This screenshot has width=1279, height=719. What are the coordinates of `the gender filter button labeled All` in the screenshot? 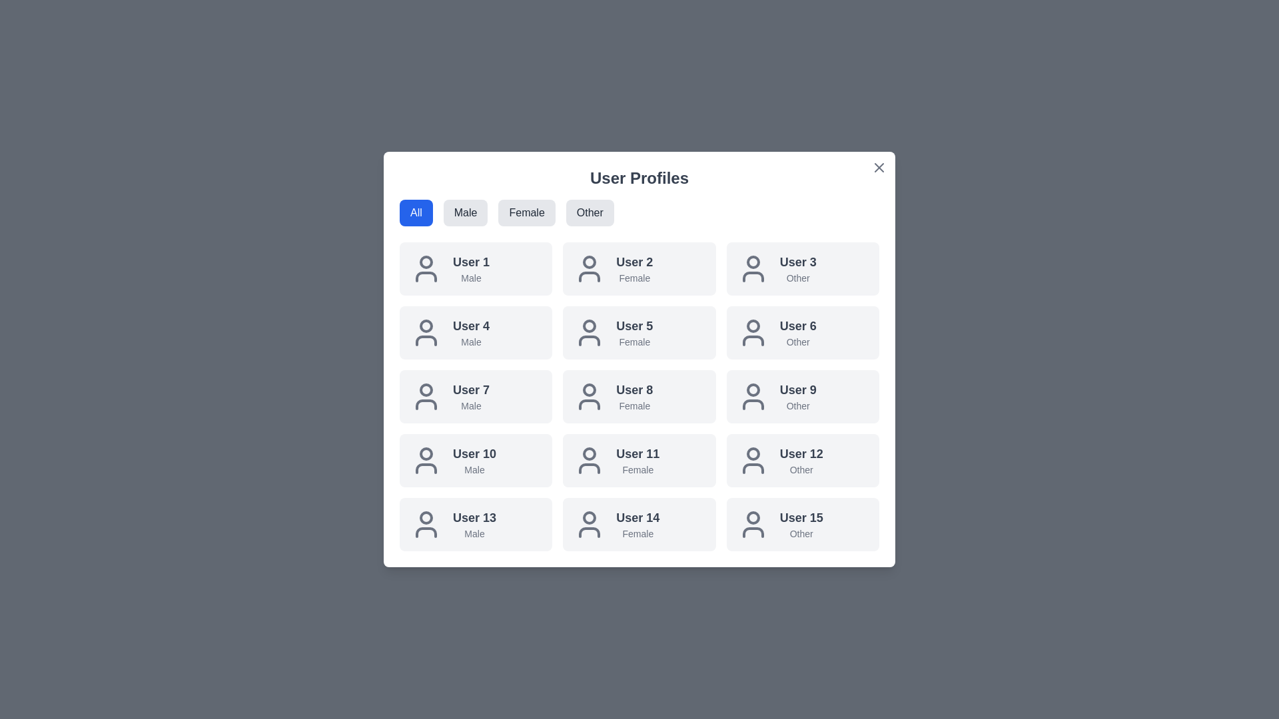 It's located at (415, 212).